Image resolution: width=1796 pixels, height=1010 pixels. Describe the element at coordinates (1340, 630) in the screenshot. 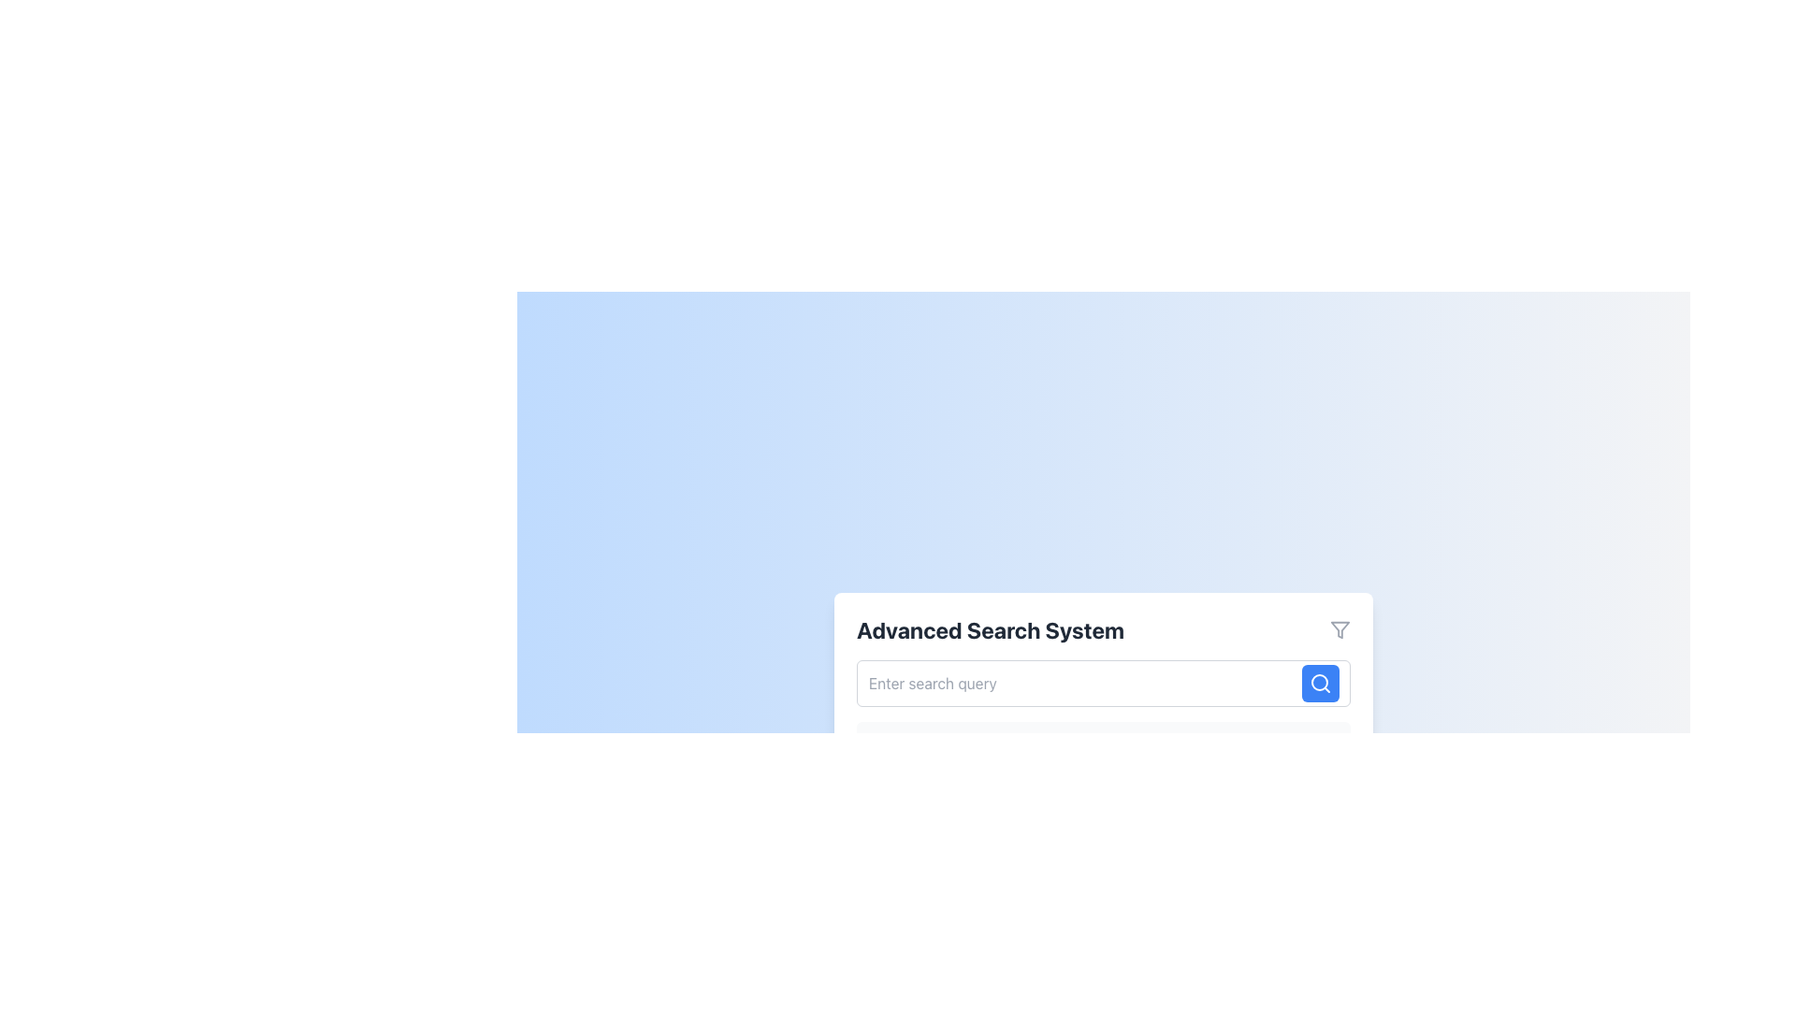

I see `the filter control button located in the upper right corner of the 'Advanced Search System' header section` at that location.